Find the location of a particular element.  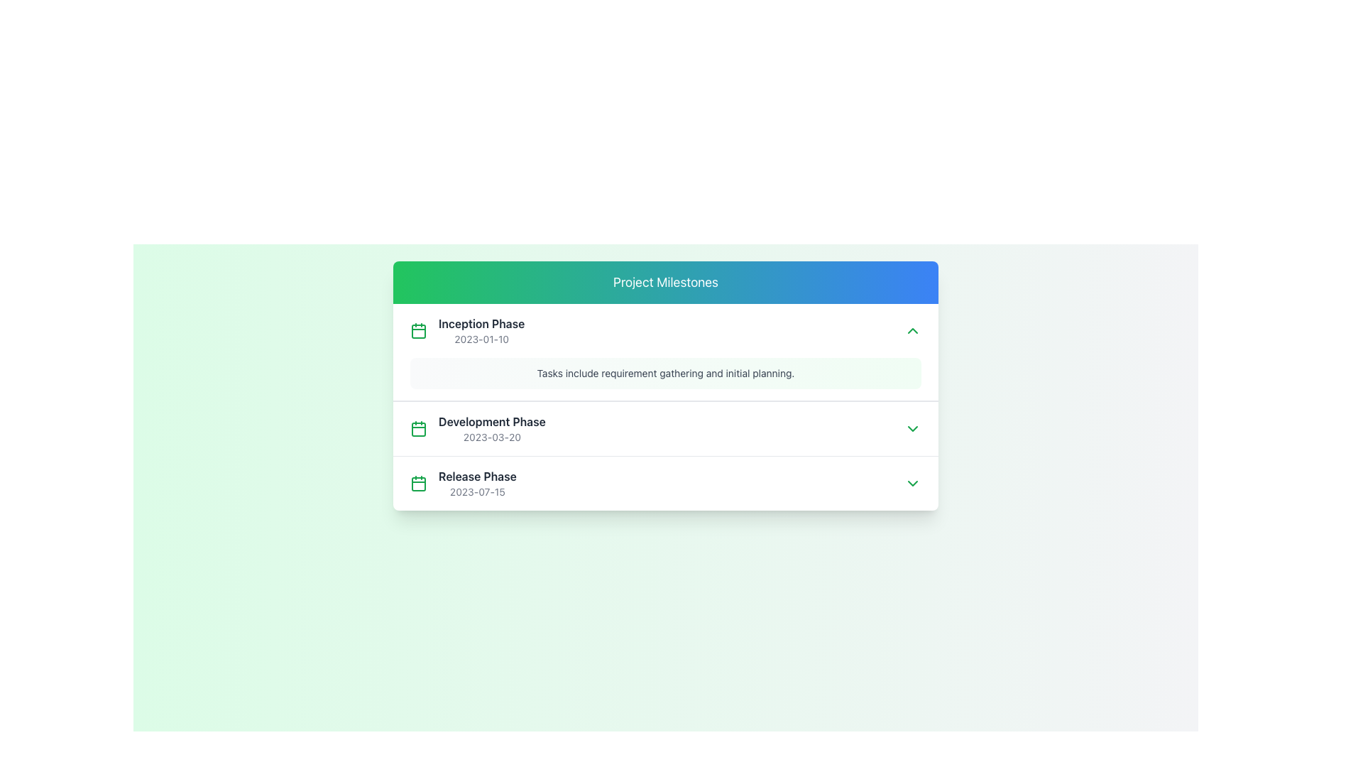

the text label displaying 'Tasks include requirement gathering and initial planning.' located in the 'Inception Phase' section of the 'Project Milestones' interface is located at coordinates (664, 372).